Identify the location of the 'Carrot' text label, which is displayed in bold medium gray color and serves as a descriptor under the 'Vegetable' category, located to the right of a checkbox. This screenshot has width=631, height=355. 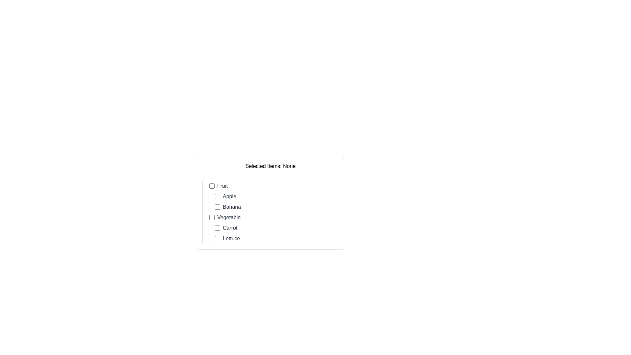
(230, 228).